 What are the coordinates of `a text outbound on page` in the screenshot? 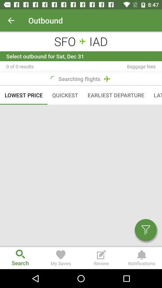 It's located at (57, 20).